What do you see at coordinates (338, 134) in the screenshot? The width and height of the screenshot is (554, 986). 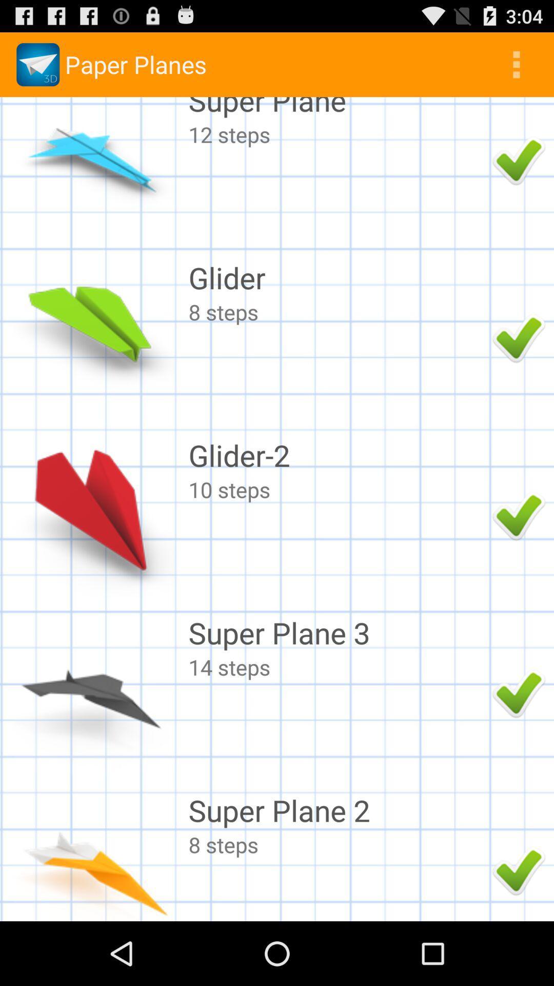 I see `the icon below super plane  item` at bounding box center [338, 134].